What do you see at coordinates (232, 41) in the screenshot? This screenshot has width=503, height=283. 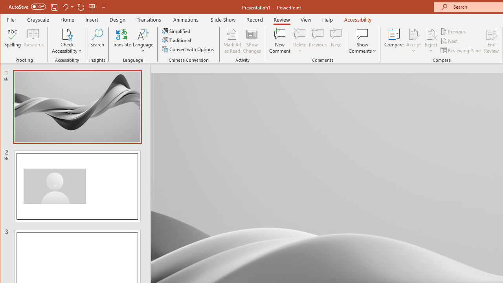 I see `'Mark All as Read'` at bounding box center [232, 41].